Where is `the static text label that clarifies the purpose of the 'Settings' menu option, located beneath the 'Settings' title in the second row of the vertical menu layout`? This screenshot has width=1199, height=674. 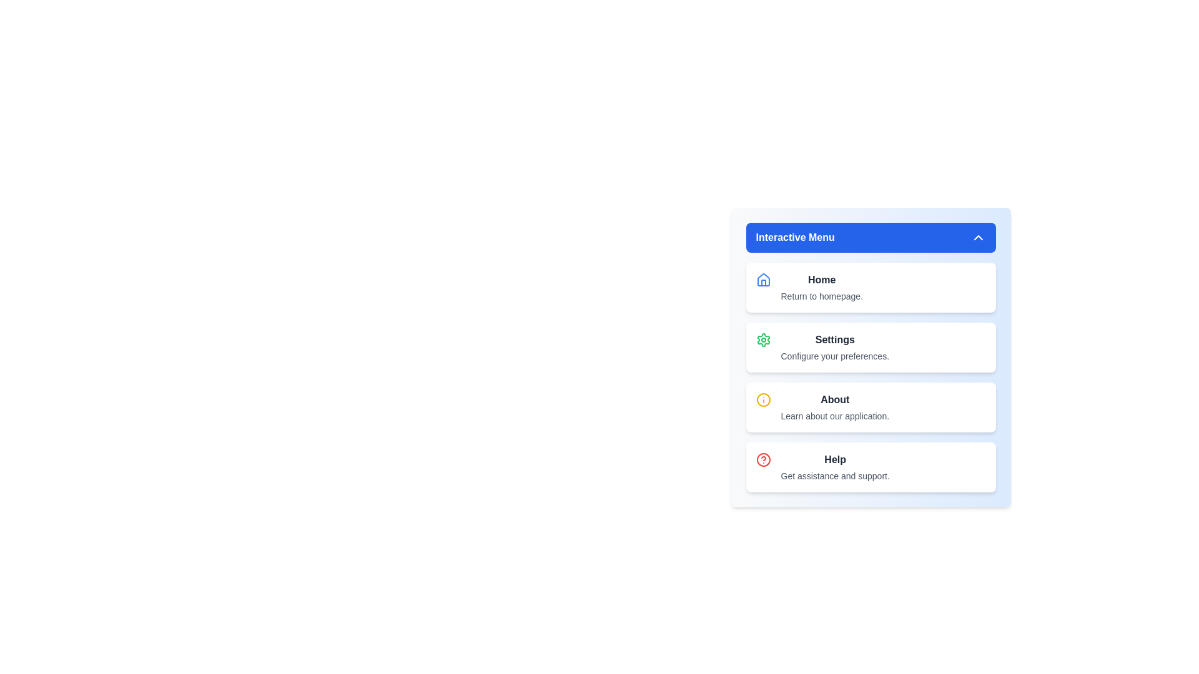 the static text label that clarifies the purpose of the 'Settings' menu option, located beneath the 'Settings' title in the second row of the vertical menu layout is located at coordinates (835, 356).